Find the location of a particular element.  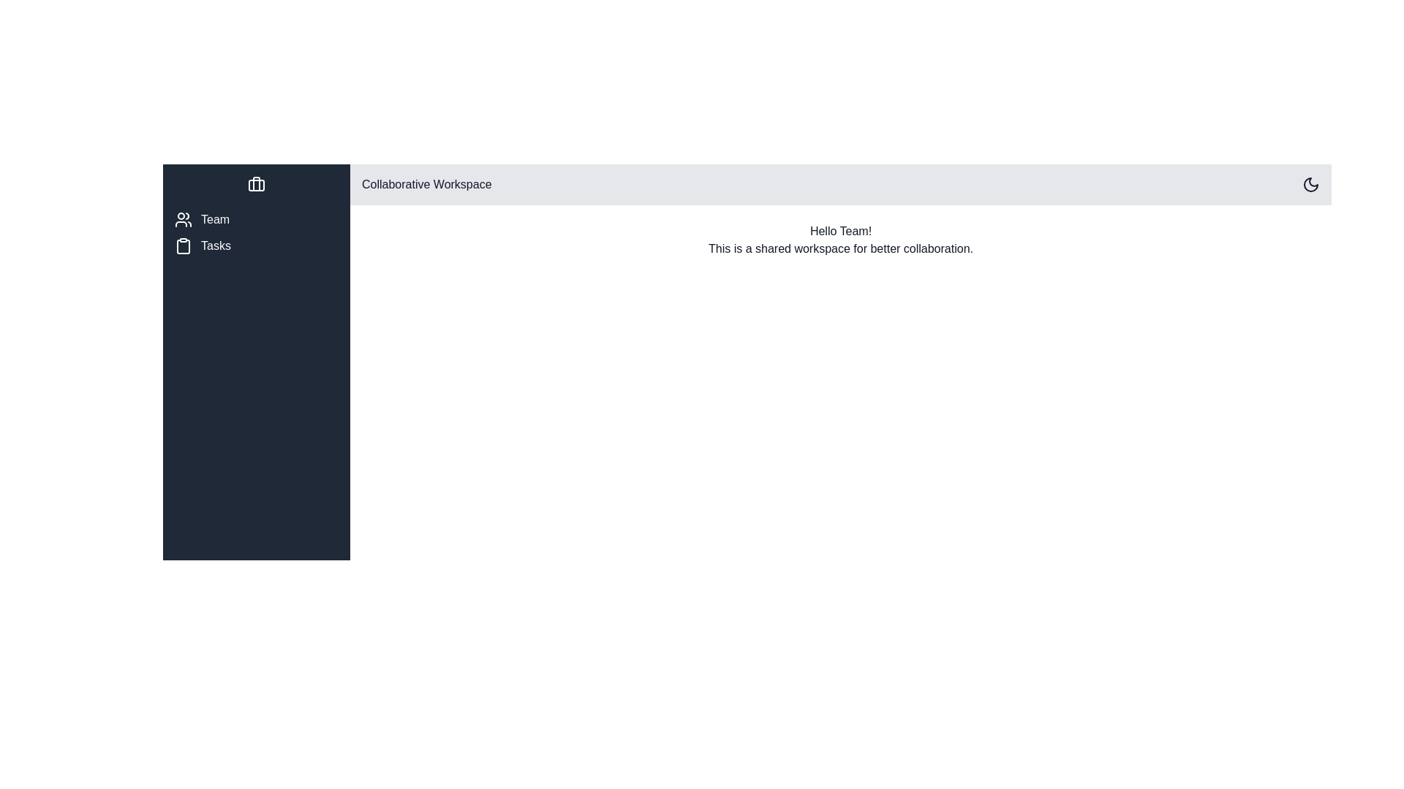

text from the Text Label that serves as the title or identification of the workspace displayed, positioned at the top left of the layout is located at coordinates (426, 184).